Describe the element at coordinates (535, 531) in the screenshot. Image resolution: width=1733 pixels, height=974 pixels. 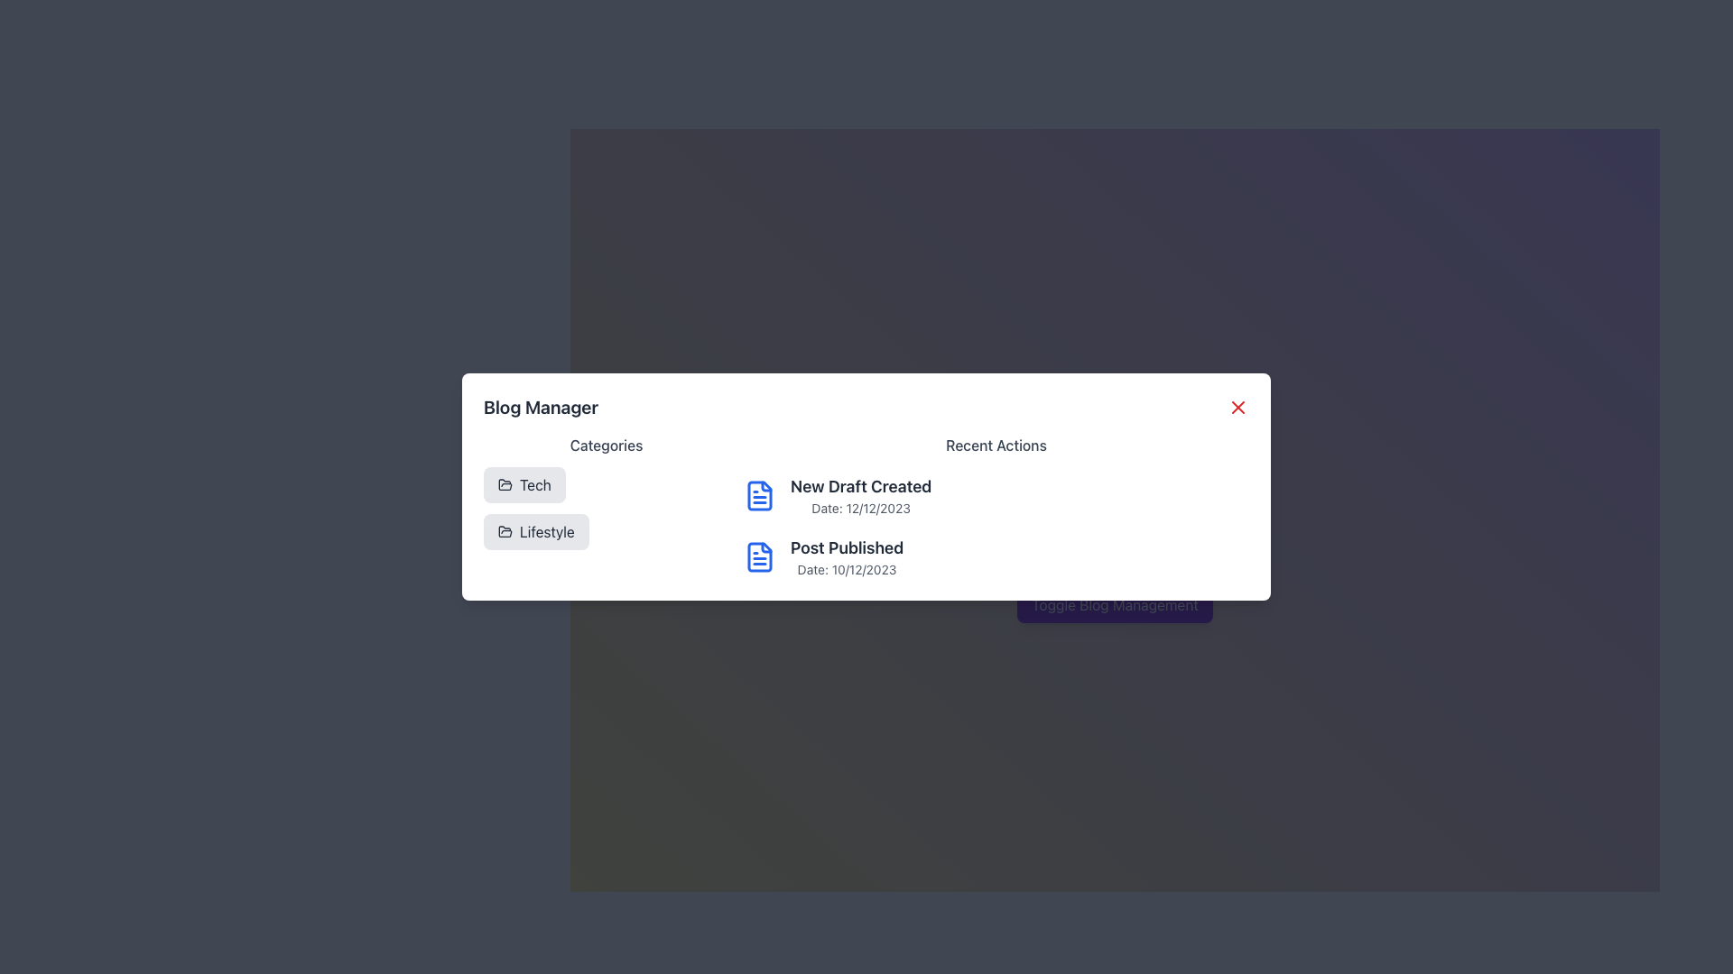
I see `the 'Lifestyle' category button in the 'Categories' section of the 'Blog Manager' modal` at that location.